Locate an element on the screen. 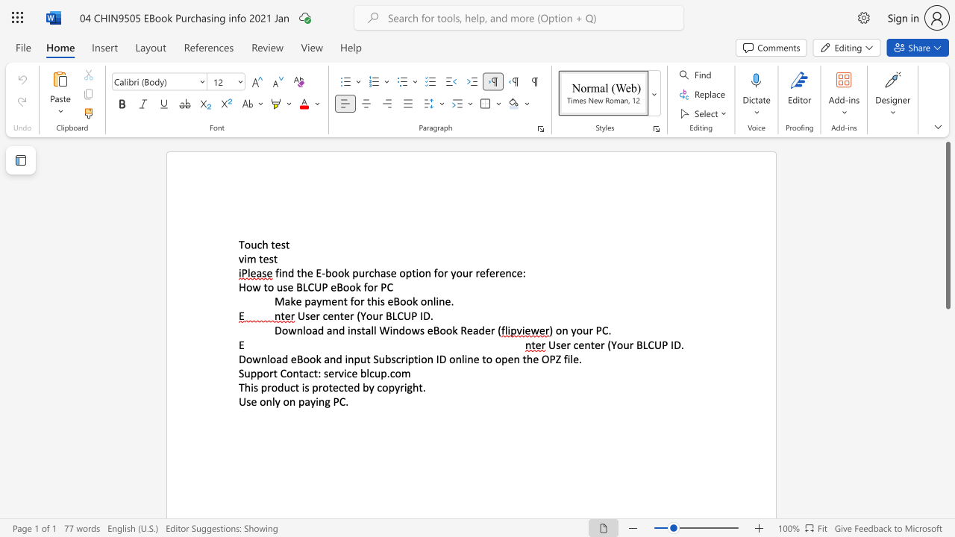  the 1th character "C" in the text is located at coordinates (605, 330).